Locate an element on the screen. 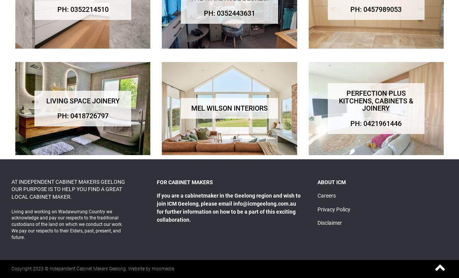  'Living and working on Wadawurrung Country
we acknowledge and pay our respects to the traditional custodians of the land on which we conduct our work. We pay our respects to their Elders, past, present, and future.' is located at coordinates (67, 224).